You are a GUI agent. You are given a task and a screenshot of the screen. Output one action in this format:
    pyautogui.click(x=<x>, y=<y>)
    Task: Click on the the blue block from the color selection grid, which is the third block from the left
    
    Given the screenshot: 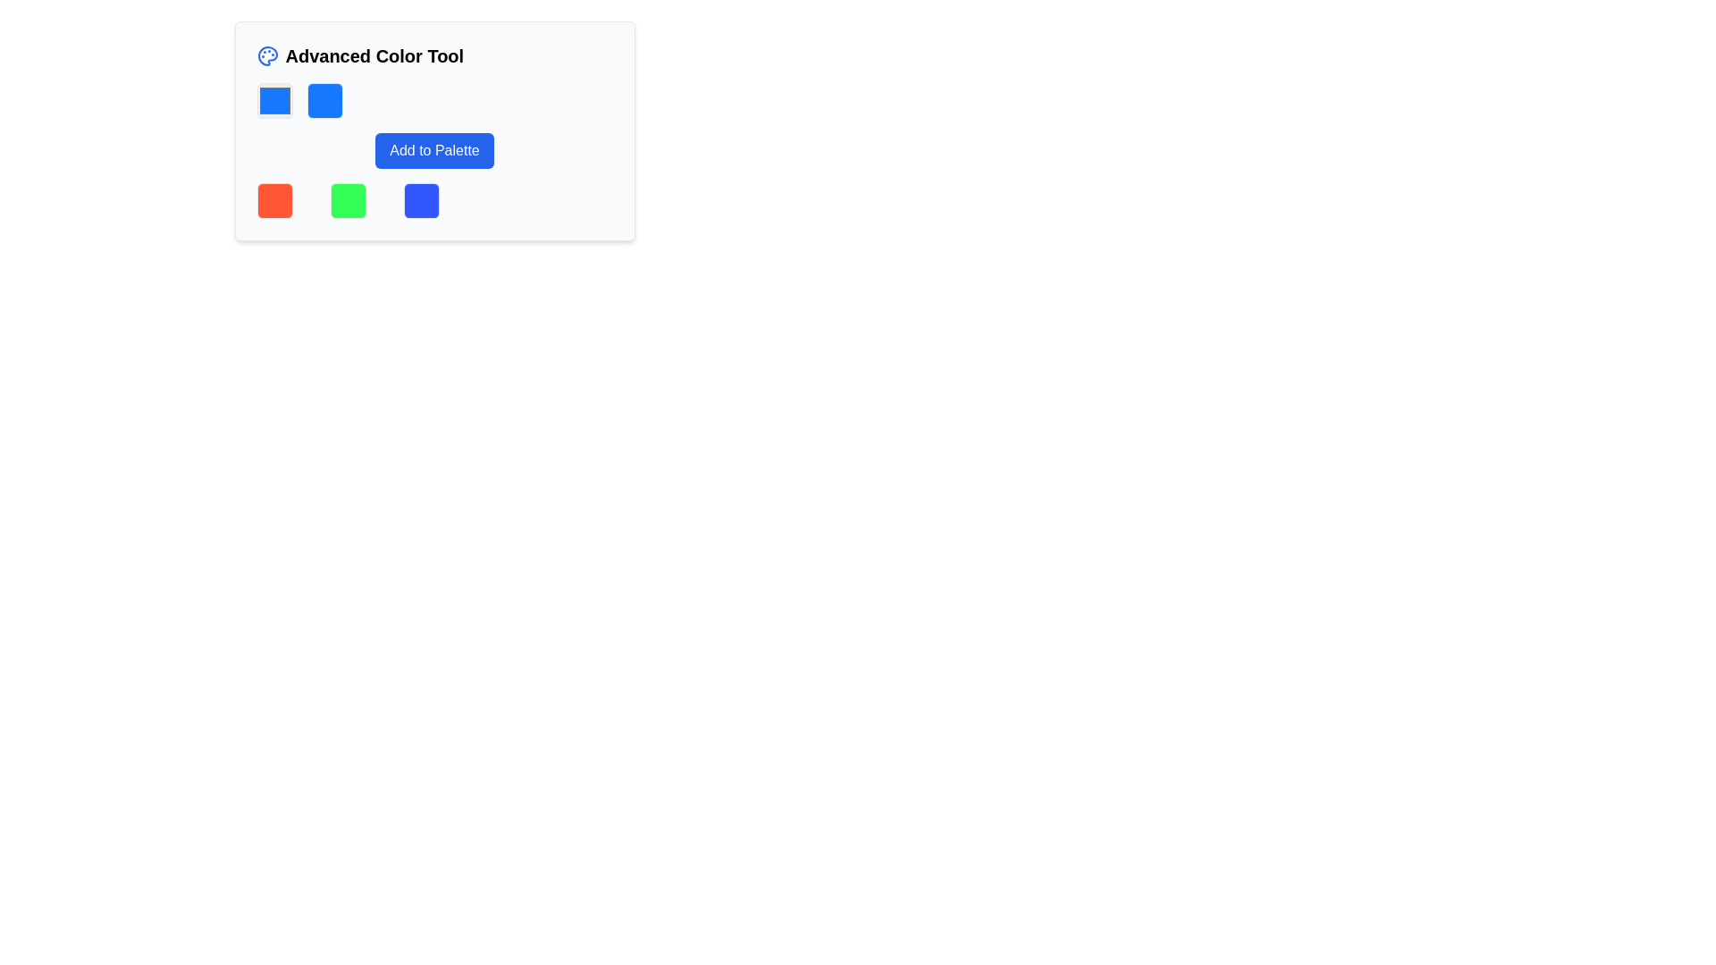 What is the action you would take?
    pyautogui.click(x=434, y=200)
    